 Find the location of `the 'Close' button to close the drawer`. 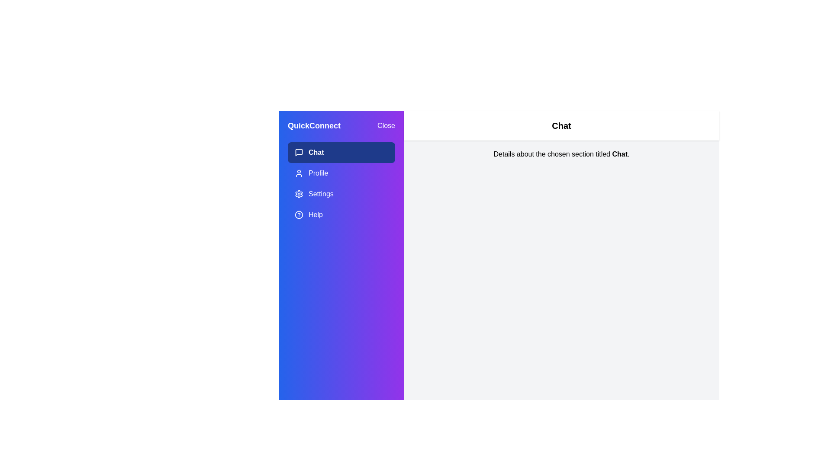

the 'Close' button to close the drawer is located at coordinates (386, 125).